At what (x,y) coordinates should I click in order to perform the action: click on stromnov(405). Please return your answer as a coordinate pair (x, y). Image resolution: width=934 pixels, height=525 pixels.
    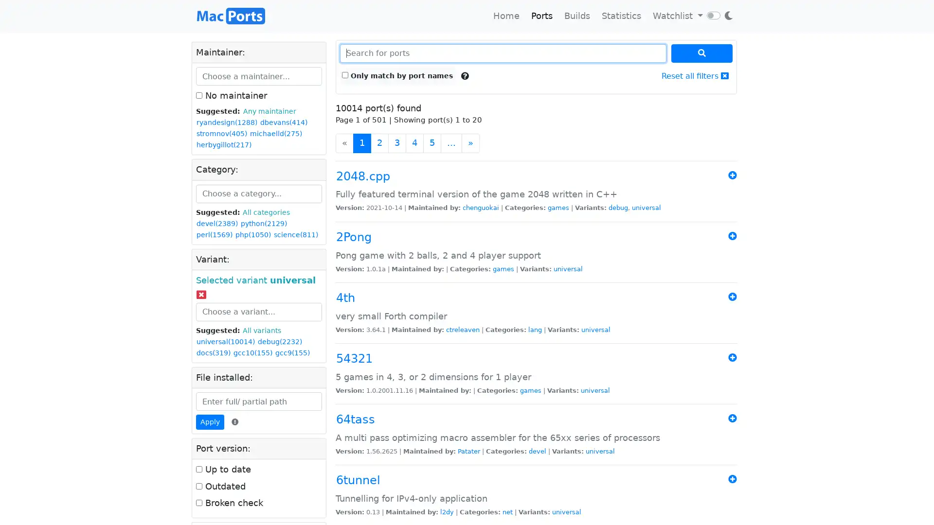
    Looking at the image, I should click on (221, 134).